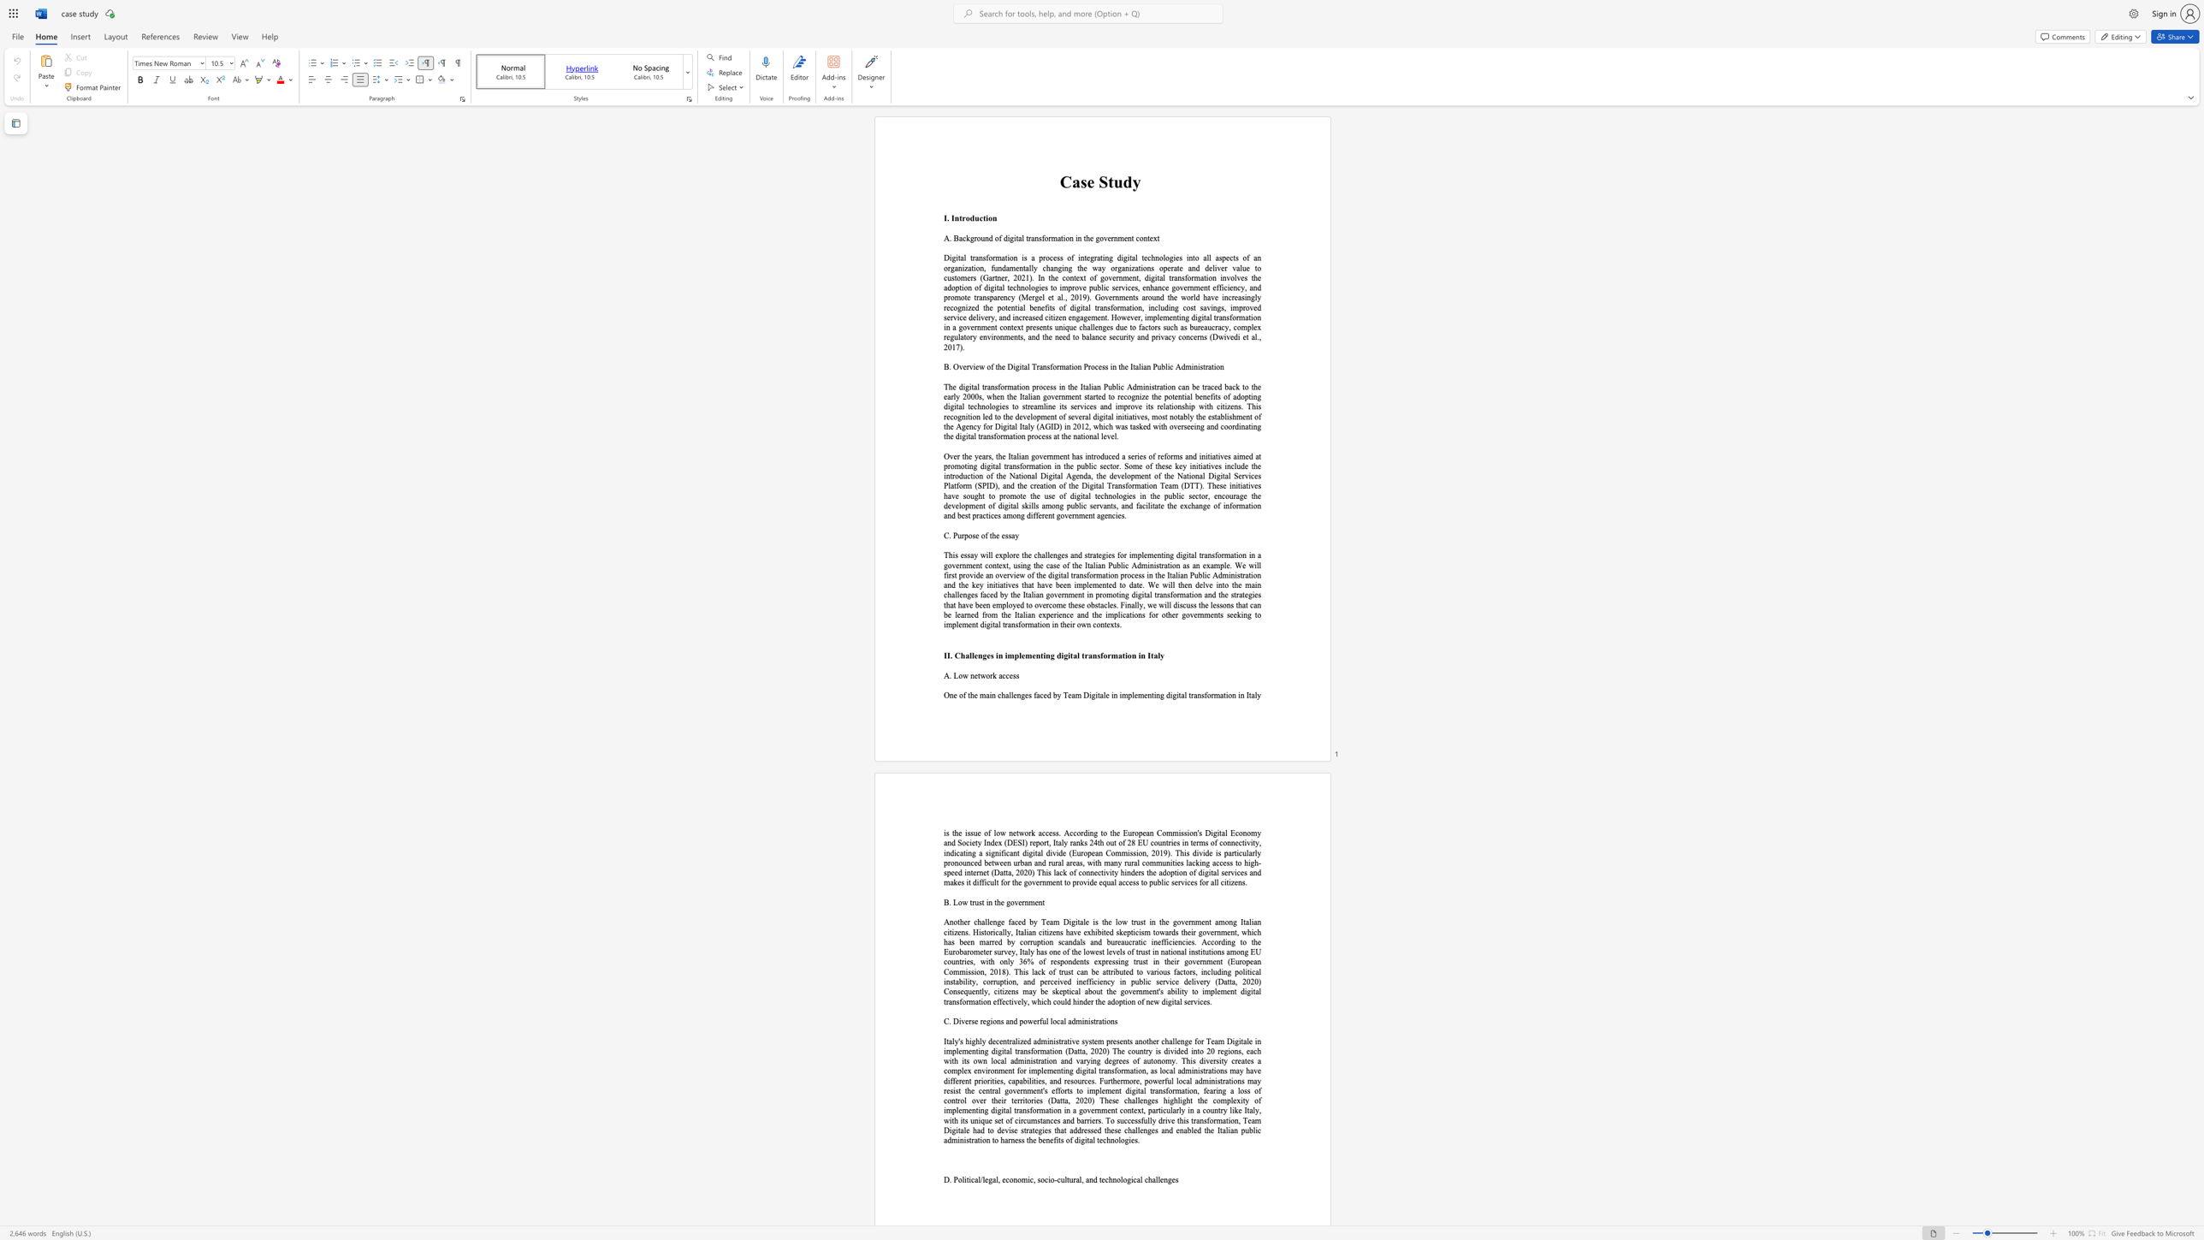 This screenshot has height=1240, width=2204. Describe the element at coordinates (1062, 594) in the screenshot. I see `the 15th character "r" in the text` at that location.